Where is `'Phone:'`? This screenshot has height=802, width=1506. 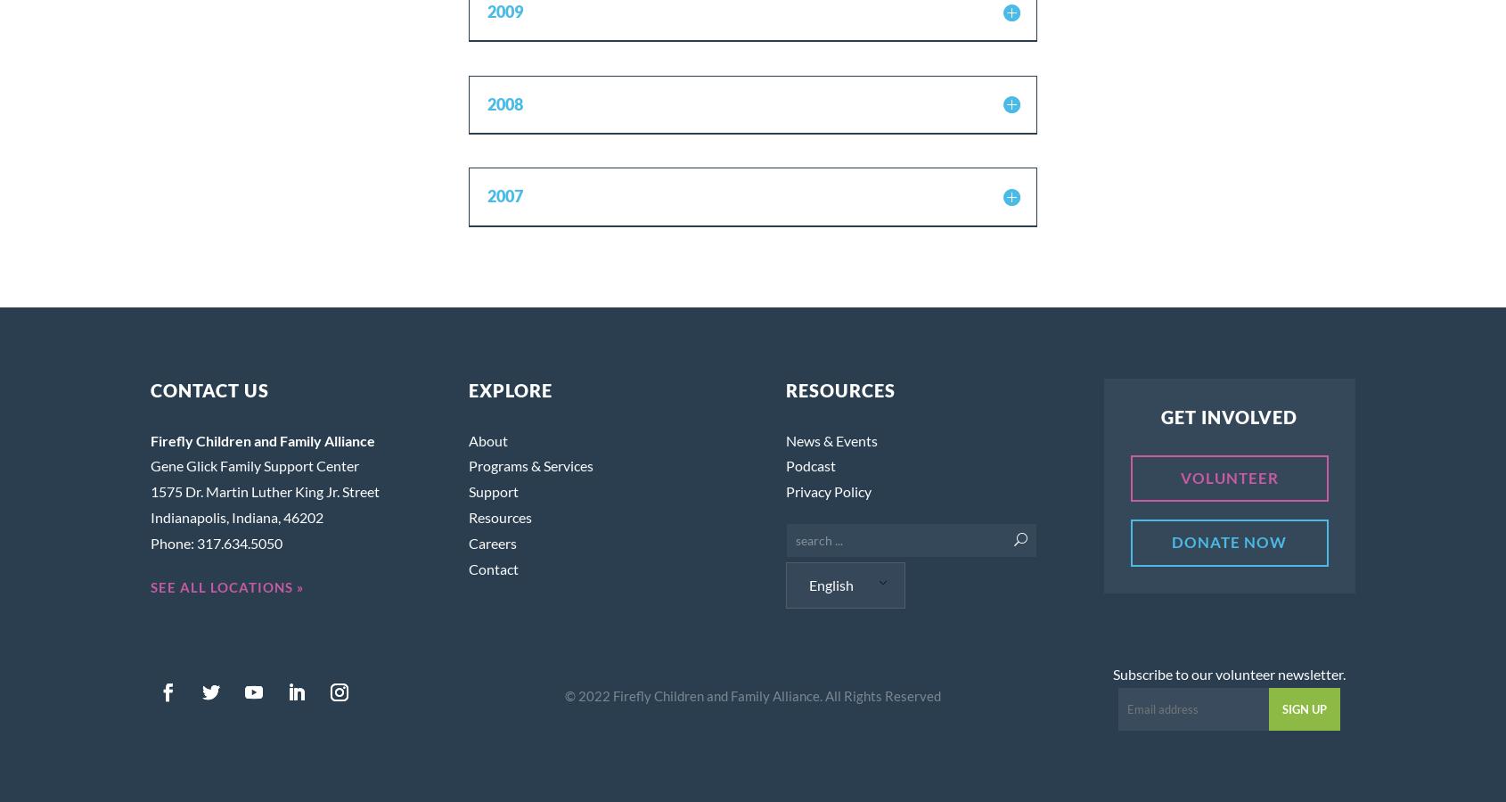 'Phone:' is located at coordinates (173, 542).